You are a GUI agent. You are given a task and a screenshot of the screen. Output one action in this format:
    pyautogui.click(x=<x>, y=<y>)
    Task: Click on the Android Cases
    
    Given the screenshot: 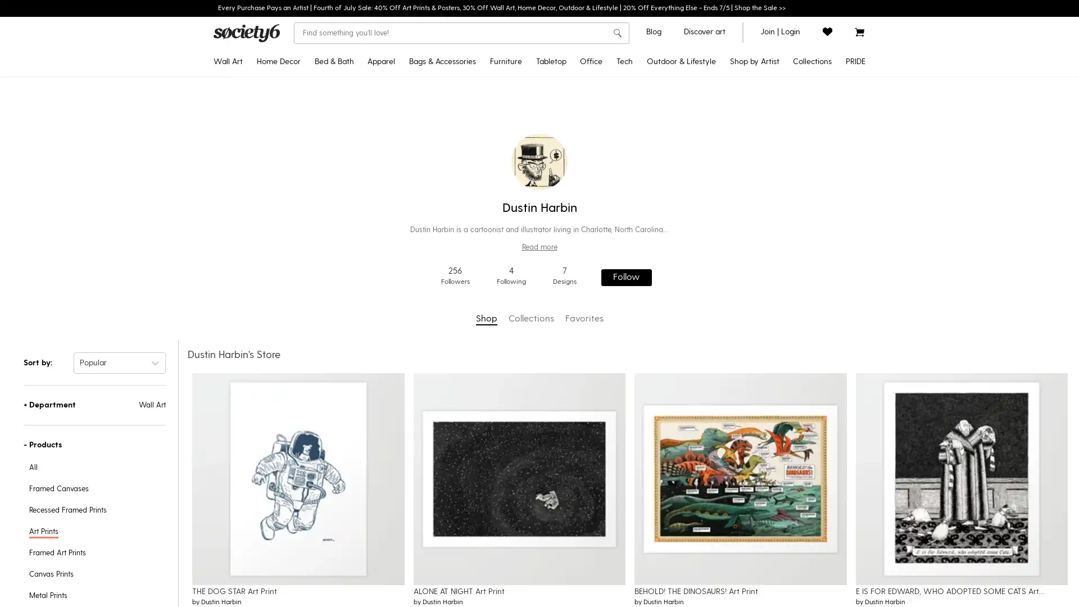 What is the action you would take?
    pyautogui.click(x=664, y=108)
    